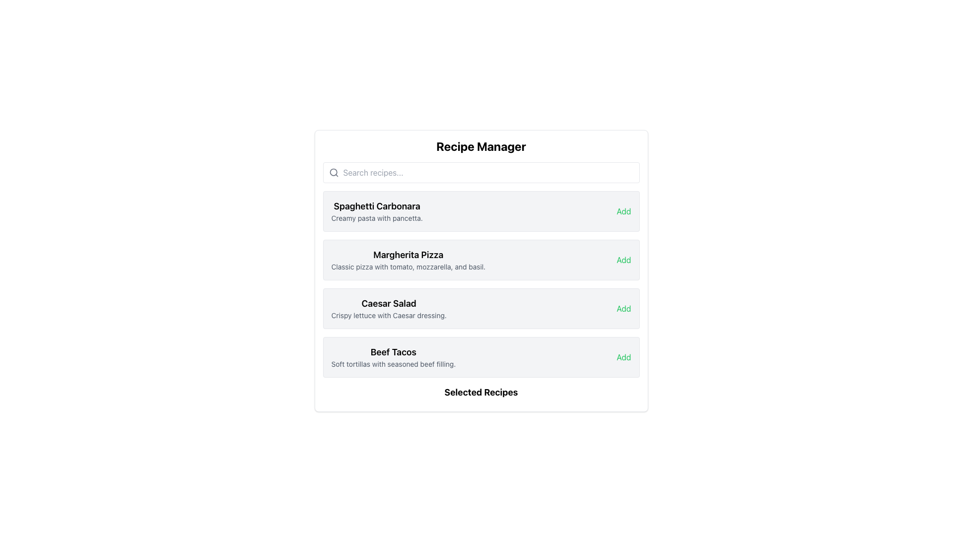 This screenshot has height=536, width=953. What do you see at coordinates (388, 308) in the screenshot?
I see `the text block titled 'Caesar Salad' to reference its content for a related action` at bounding box center [388, 308].